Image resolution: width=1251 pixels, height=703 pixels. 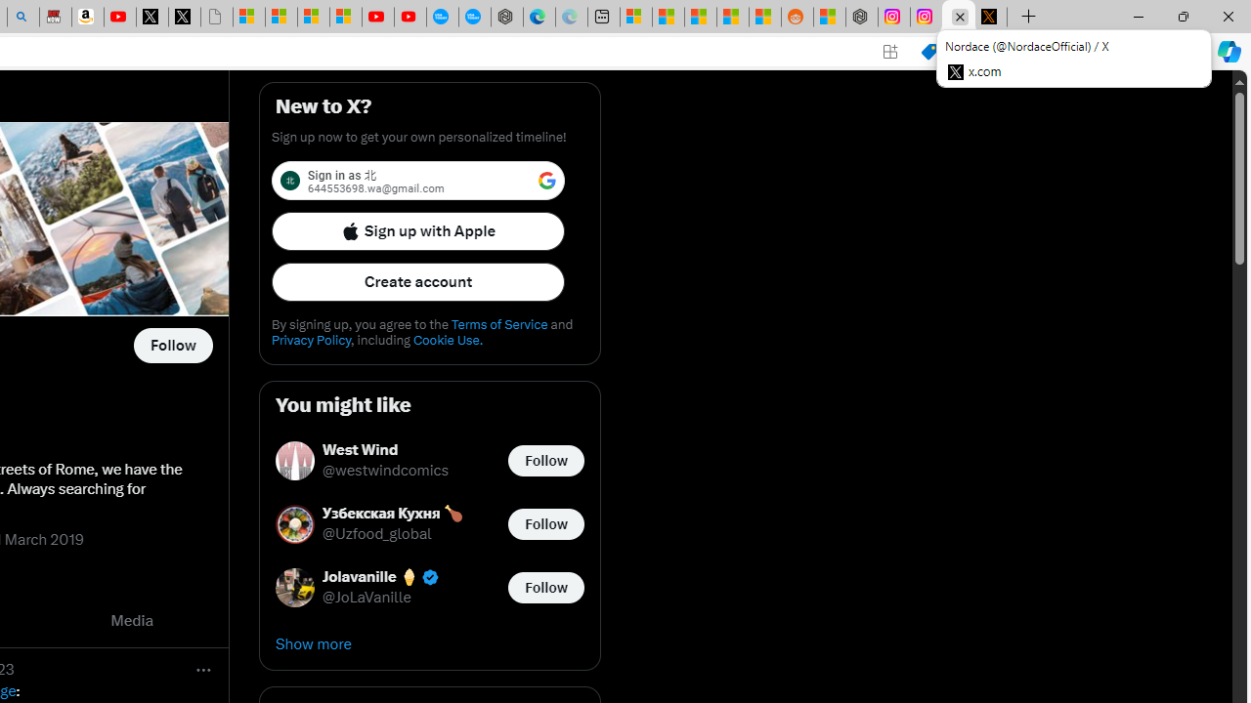 I want to click on 'Microsoft account | Microsoft Account Privacy Settings', so click(x=635, y=17).